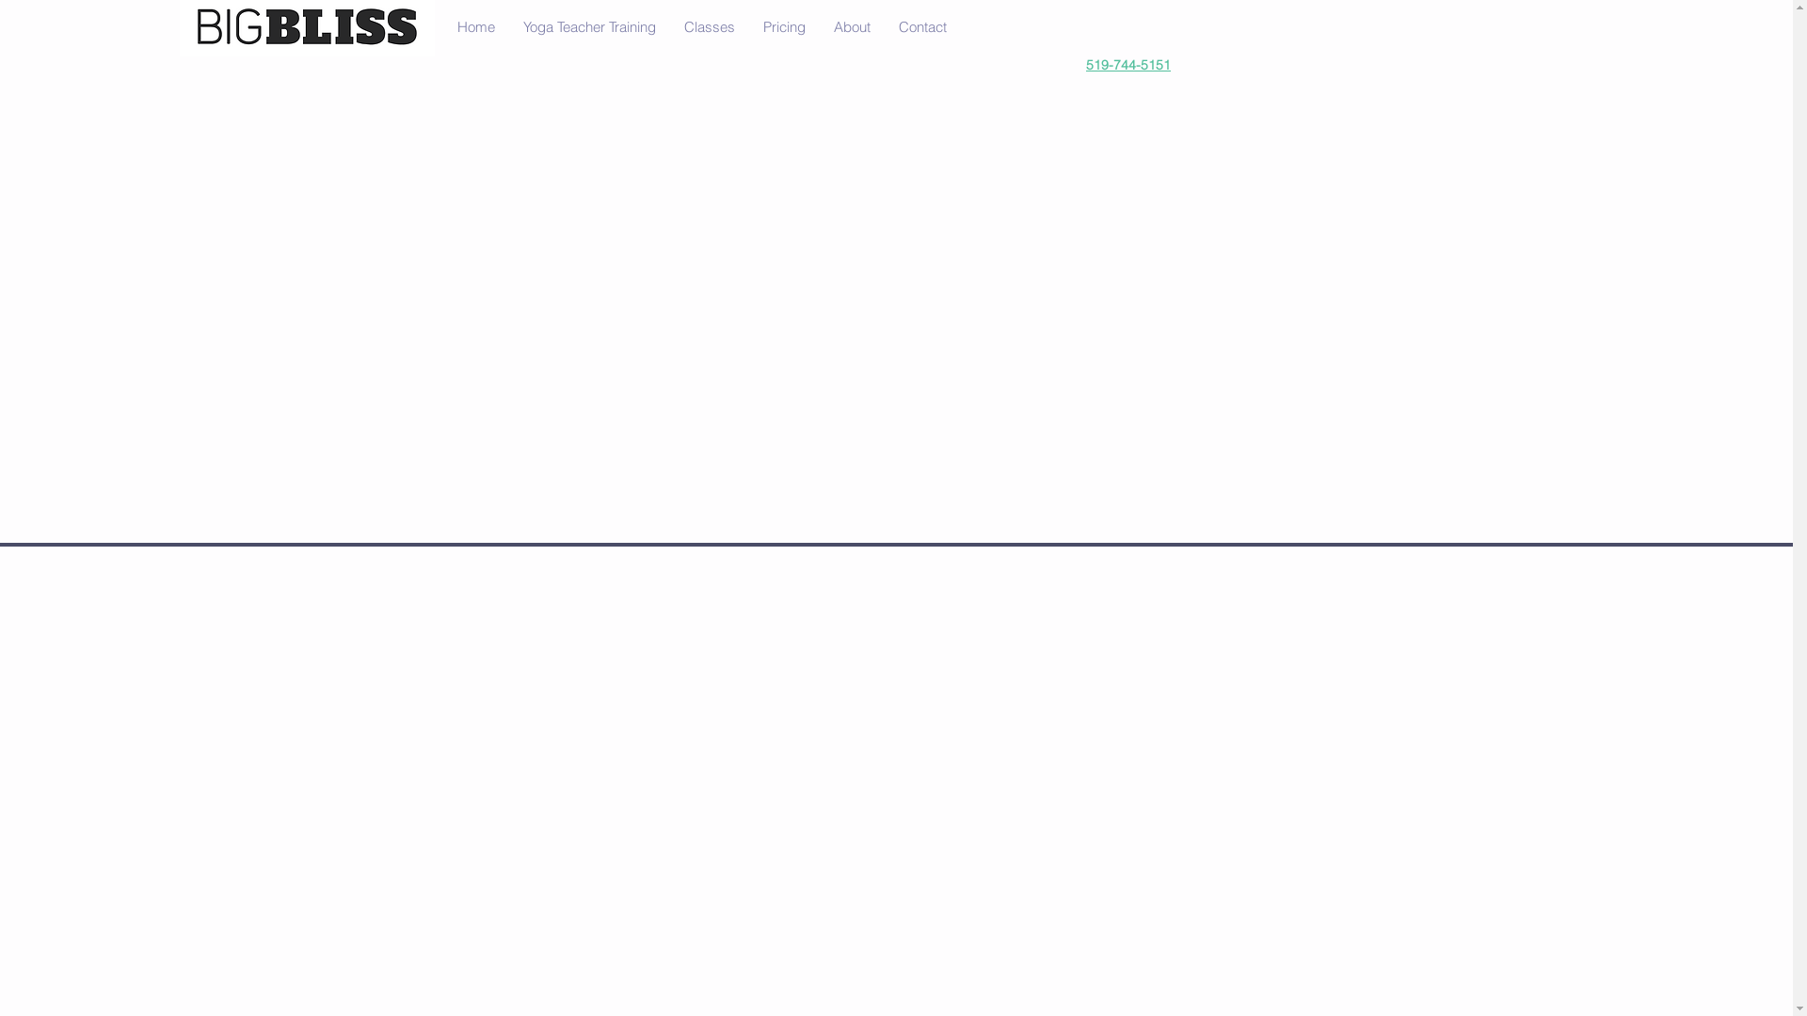 Image resolution: width=1807 pixels, height=1016 pixels. Describe the element at coordinates (587, 27) in the screenshot. I see `'Yoga Teacher Training'` at that location.